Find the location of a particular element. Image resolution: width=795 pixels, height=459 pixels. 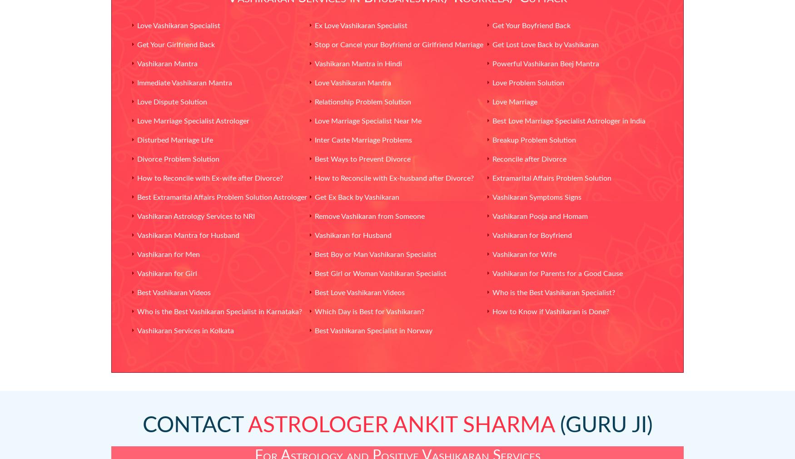

'Extramarital Affairs Problem Solution' is located at coordinates (492, 178).